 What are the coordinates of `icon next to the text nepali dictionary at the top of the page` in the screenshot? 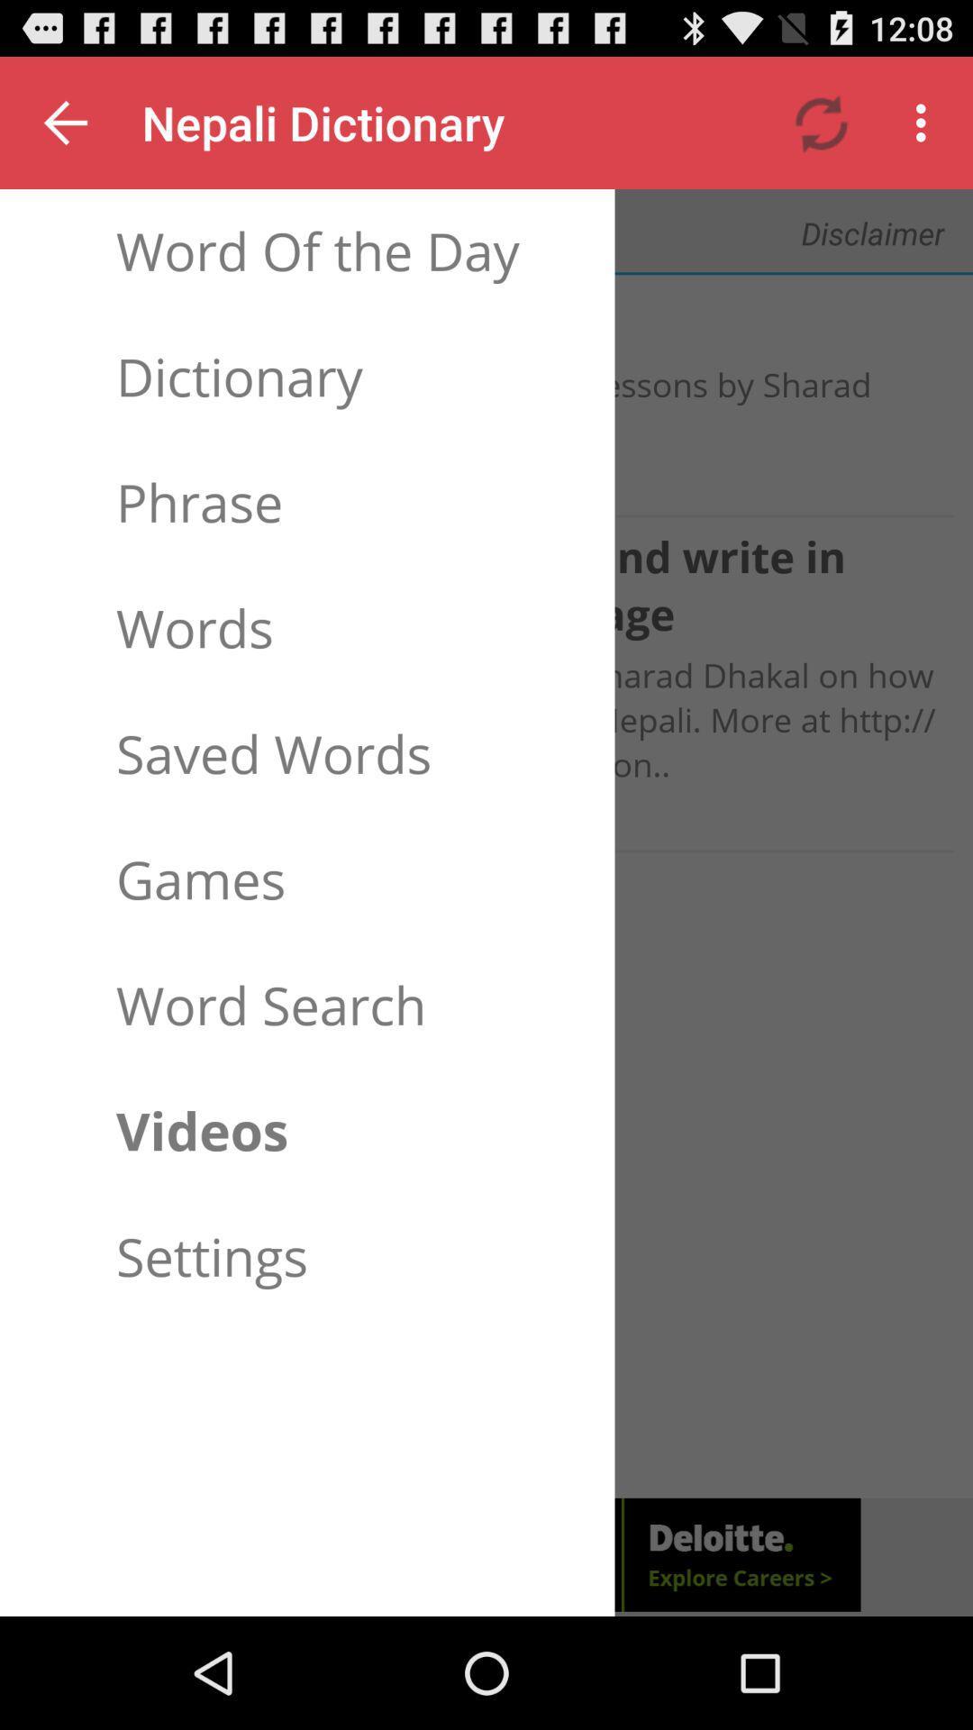 It's located at (821, 123).